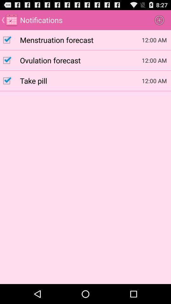  What do you see at coordinates (81, 60) in the screenshot?
I see `the ovulation forecast icon` at bounding box center [81, 60].